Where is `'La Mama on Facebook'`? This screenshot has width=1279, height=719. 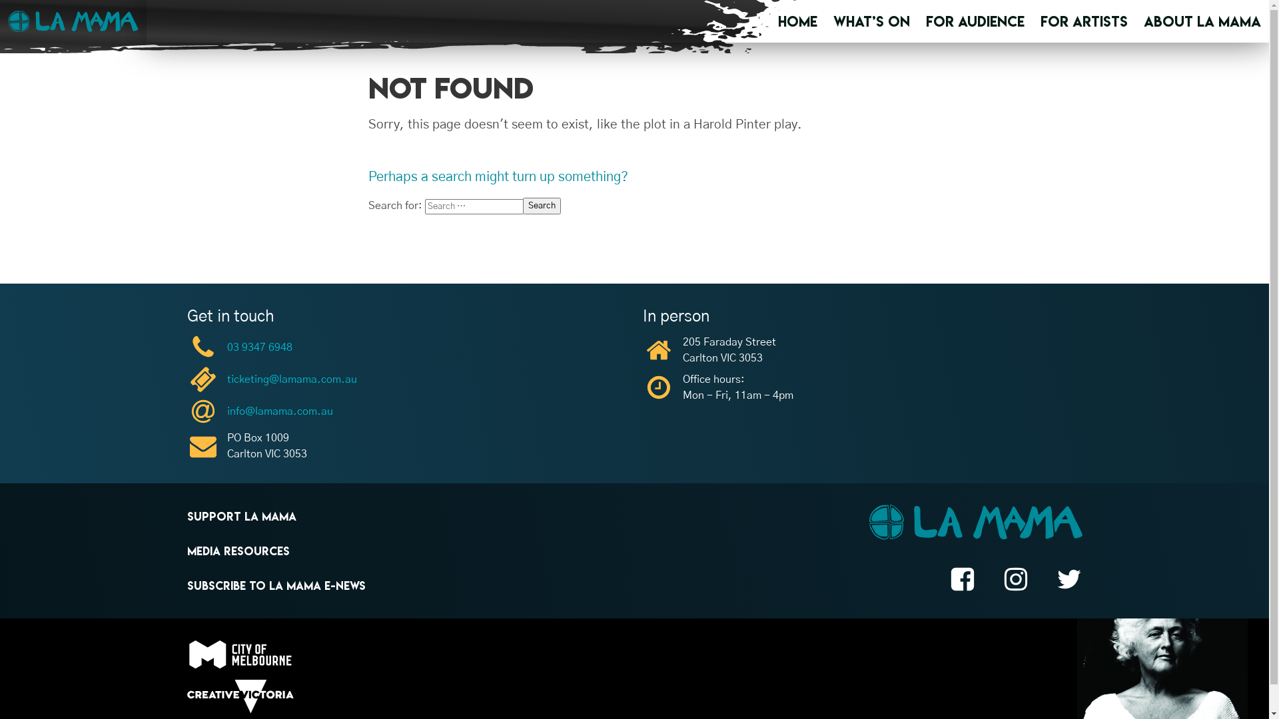 'La Mama on Facebook' is located at coordinates (962, 581).